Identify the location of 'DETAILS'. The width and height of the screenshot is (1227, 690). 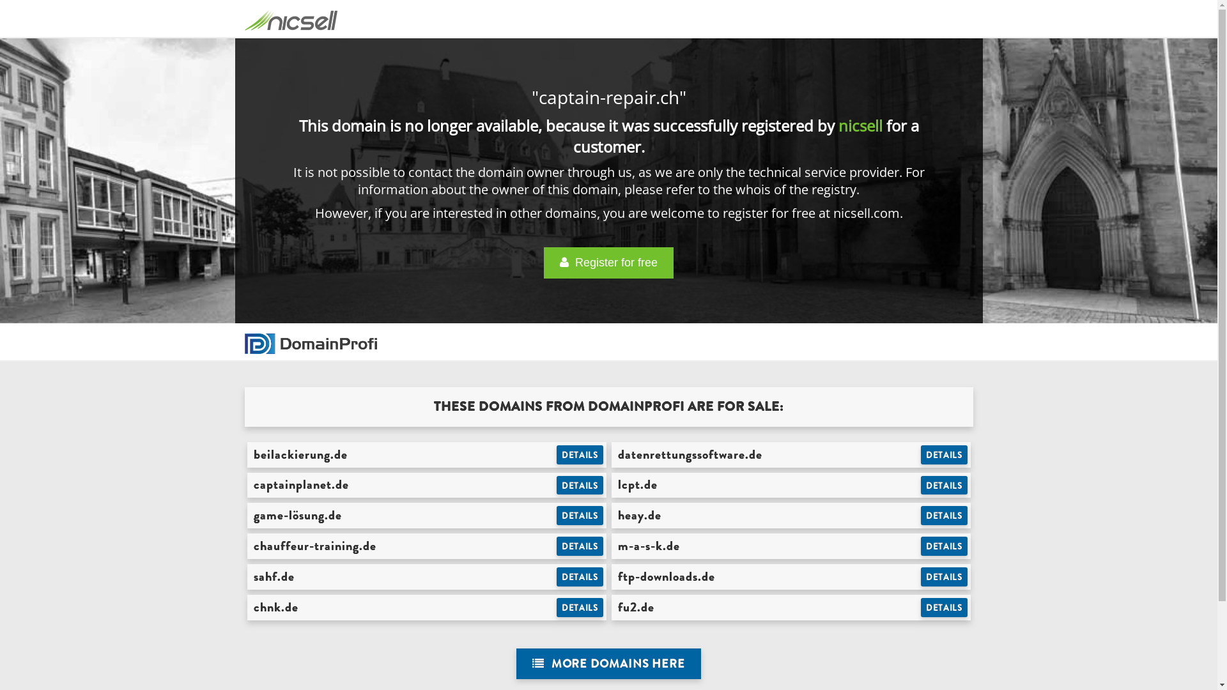
(944, 454).